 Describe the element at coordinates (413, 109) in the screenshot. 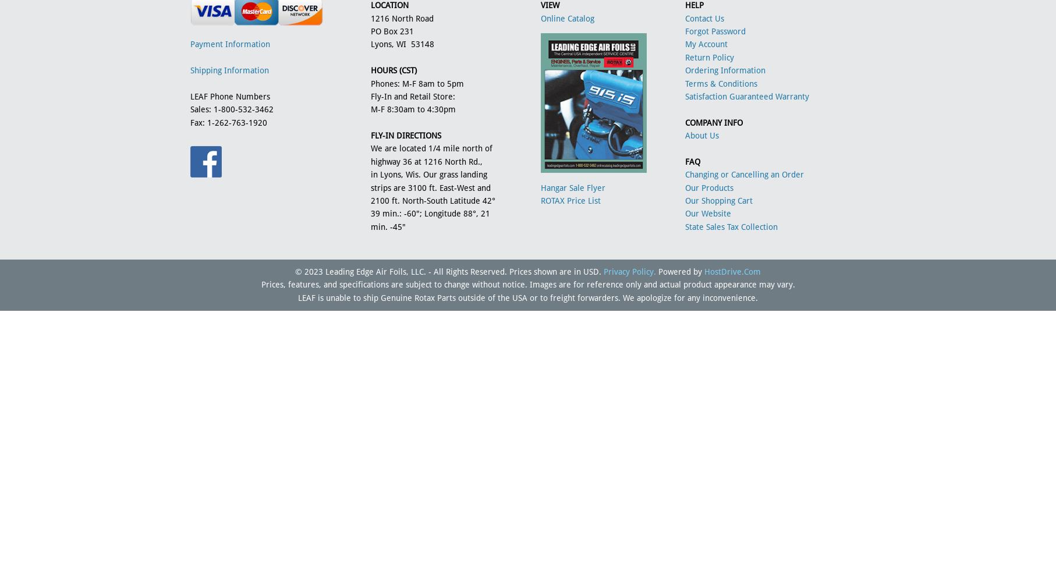

I see `'M-F 8:30am to 4:30pm'` at that location.